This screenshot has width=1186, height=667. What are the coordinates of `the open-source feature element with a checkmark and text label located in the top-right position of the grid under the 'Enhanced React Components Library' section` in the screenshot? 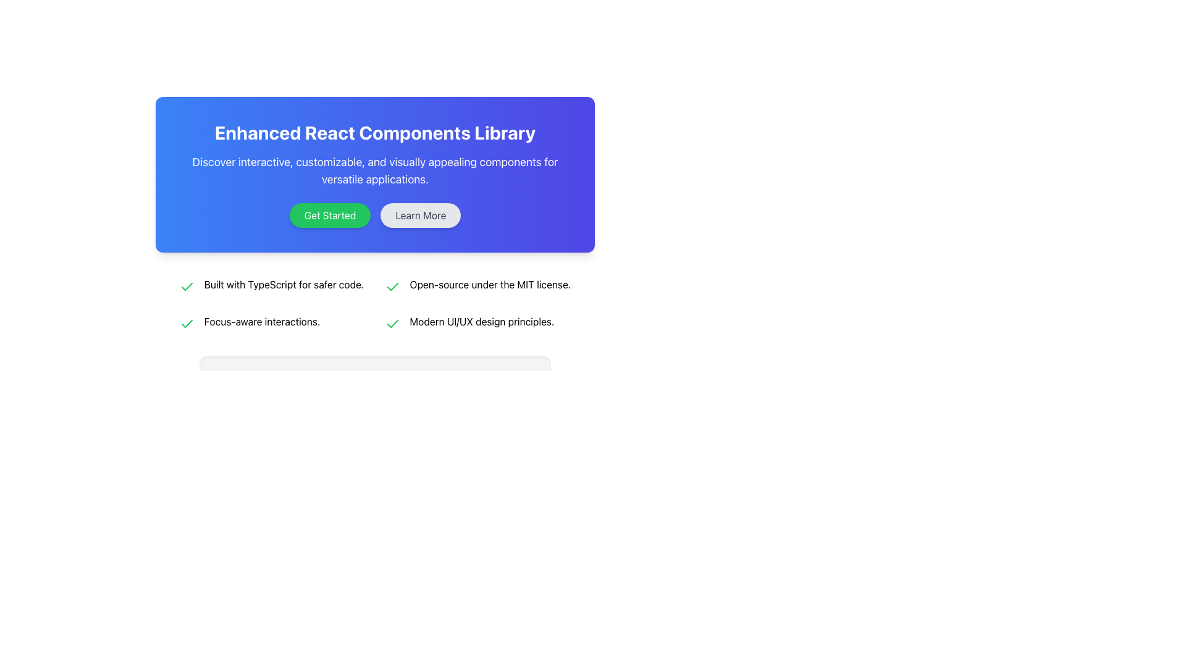 It's located at (477, 285).